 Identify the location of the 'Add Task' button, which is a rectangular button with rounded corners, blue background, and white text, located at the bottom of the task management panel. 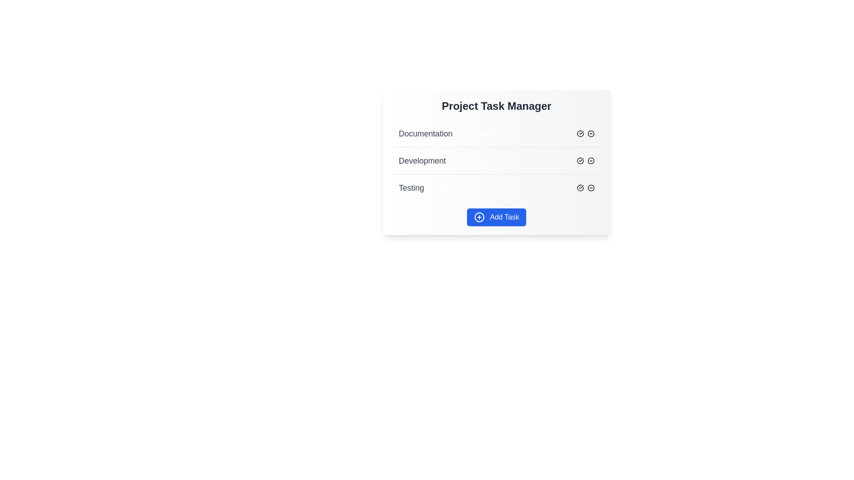
(496, 217).